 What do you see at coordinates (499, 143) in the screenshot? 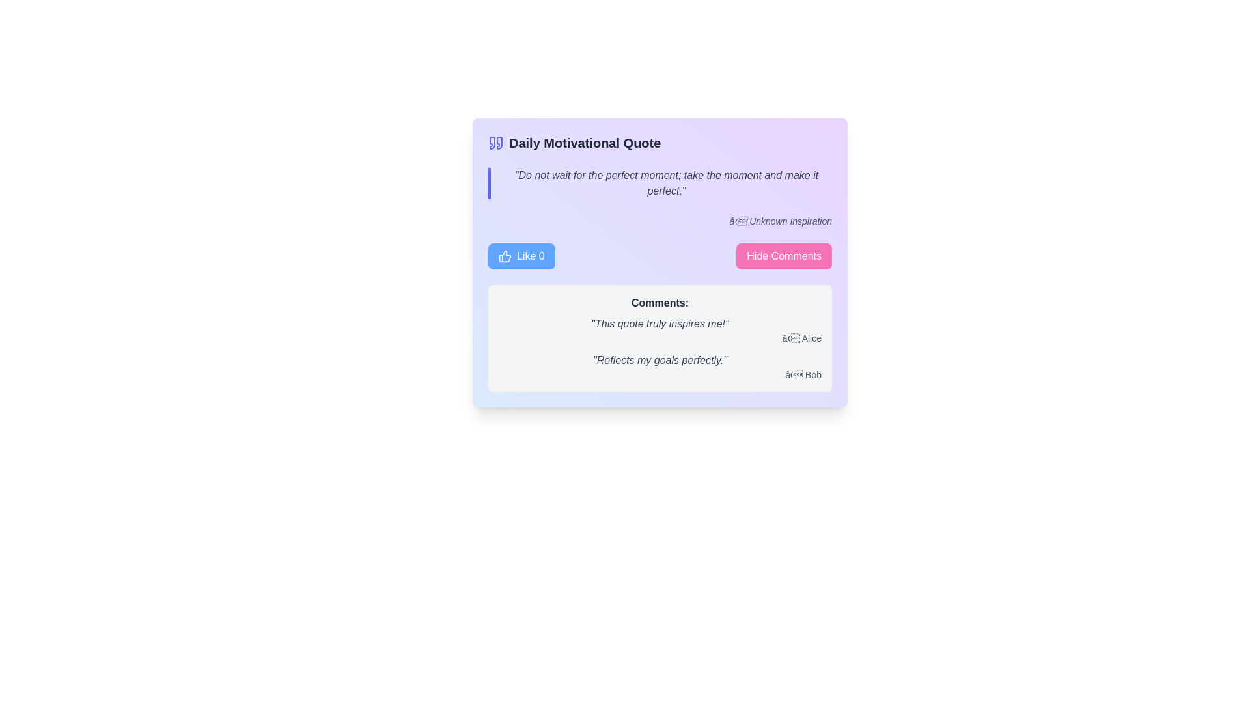
I see `the Icon component representing a double quote symbol that is part of a quote graphic, located next to the title text 'Daily Motivational Quote'` at bounding box center [499, 143].